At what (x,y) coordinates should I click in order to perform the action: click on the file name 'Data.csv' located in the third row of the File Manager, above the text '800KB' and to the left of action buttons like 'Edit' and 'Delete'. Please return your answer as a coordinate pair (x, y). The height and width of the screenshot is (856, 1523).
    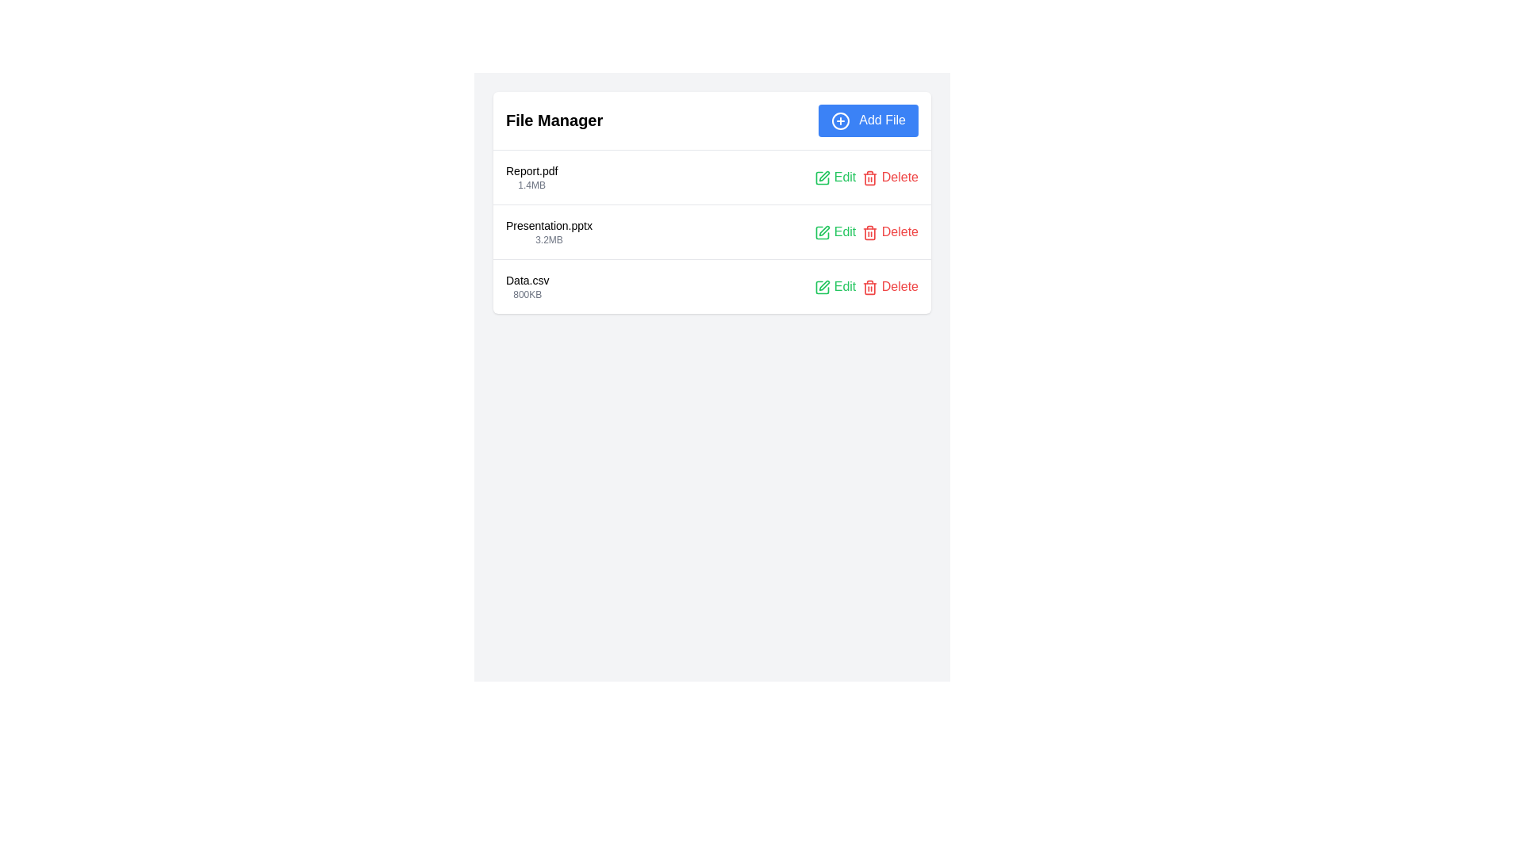
    Looking at the image, I should click on (527, 279).